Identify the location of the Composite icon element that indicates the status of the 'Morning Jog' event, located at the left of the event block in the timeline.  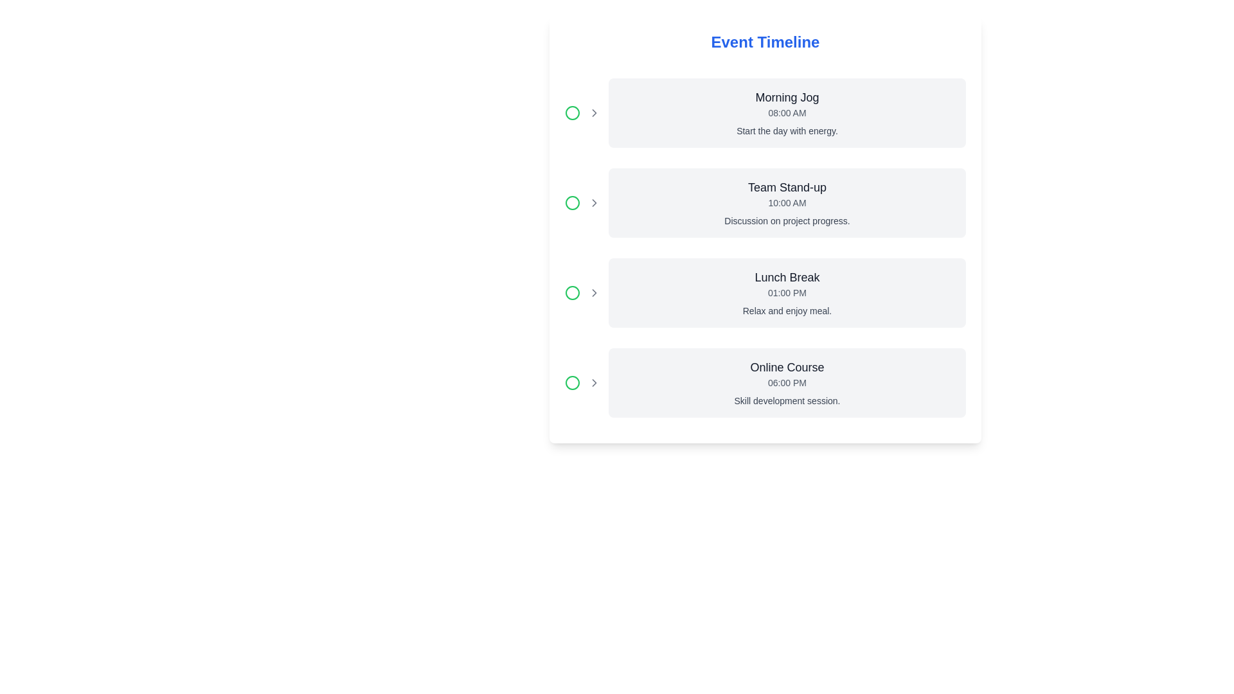
(586, 112).